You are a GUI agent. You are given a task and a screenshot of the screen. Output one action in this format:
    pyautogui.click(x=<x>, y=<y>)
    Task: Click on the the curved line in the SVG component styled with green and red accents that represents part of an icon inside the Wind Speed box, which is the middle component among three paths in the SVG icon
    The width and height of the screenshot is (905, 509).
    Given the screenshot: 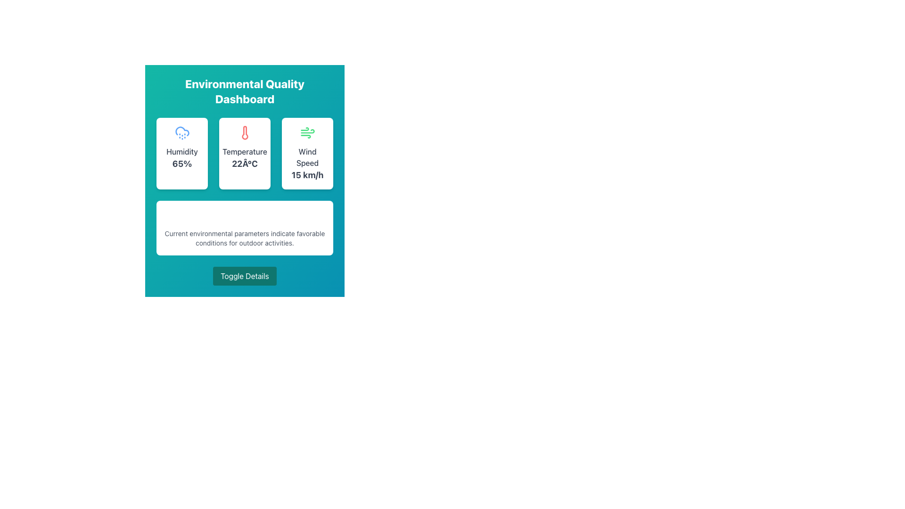 What is the action you would take?
    pyautogui.click(x=307, y=131)
    